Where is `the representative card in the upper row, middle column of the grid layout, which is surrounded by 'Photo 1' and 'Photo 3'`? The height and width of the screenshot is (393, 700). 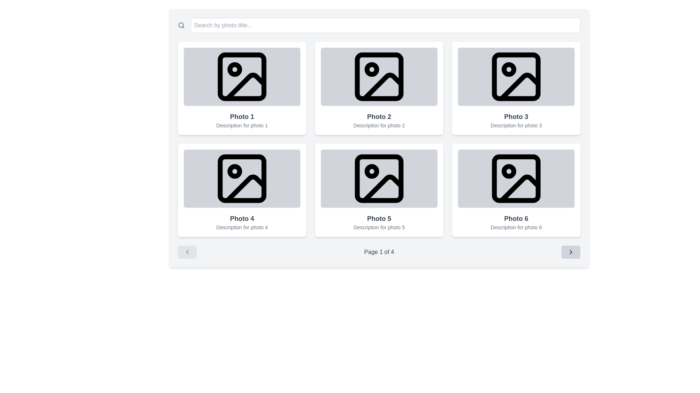 the representative card in the upper row, middle column of the grid layout, which is surrounded by 'Photo 1' and 'Photo 3' is located at coordinates (379, 88).